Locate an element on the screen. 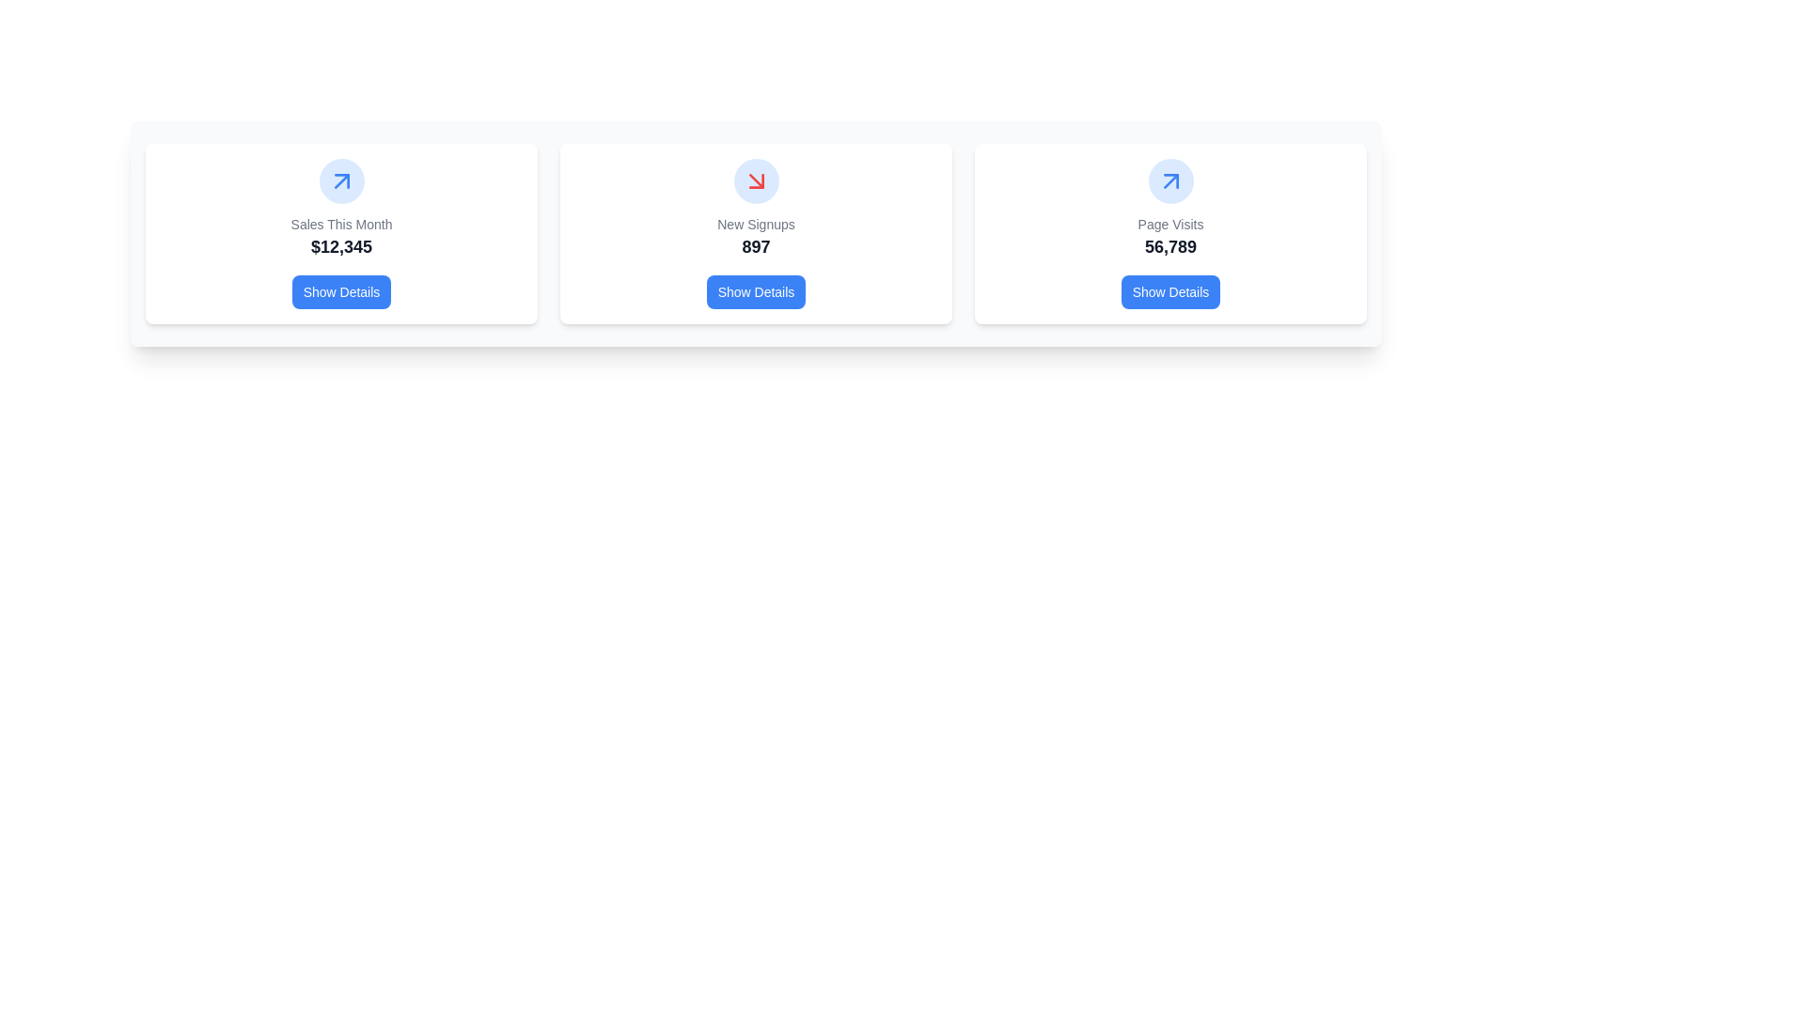  the small blue arrow icon pointing upwards and to the right, which is located within a light blue circular background on the 'Sales This Month' card is located at coordinates (1169, 180).